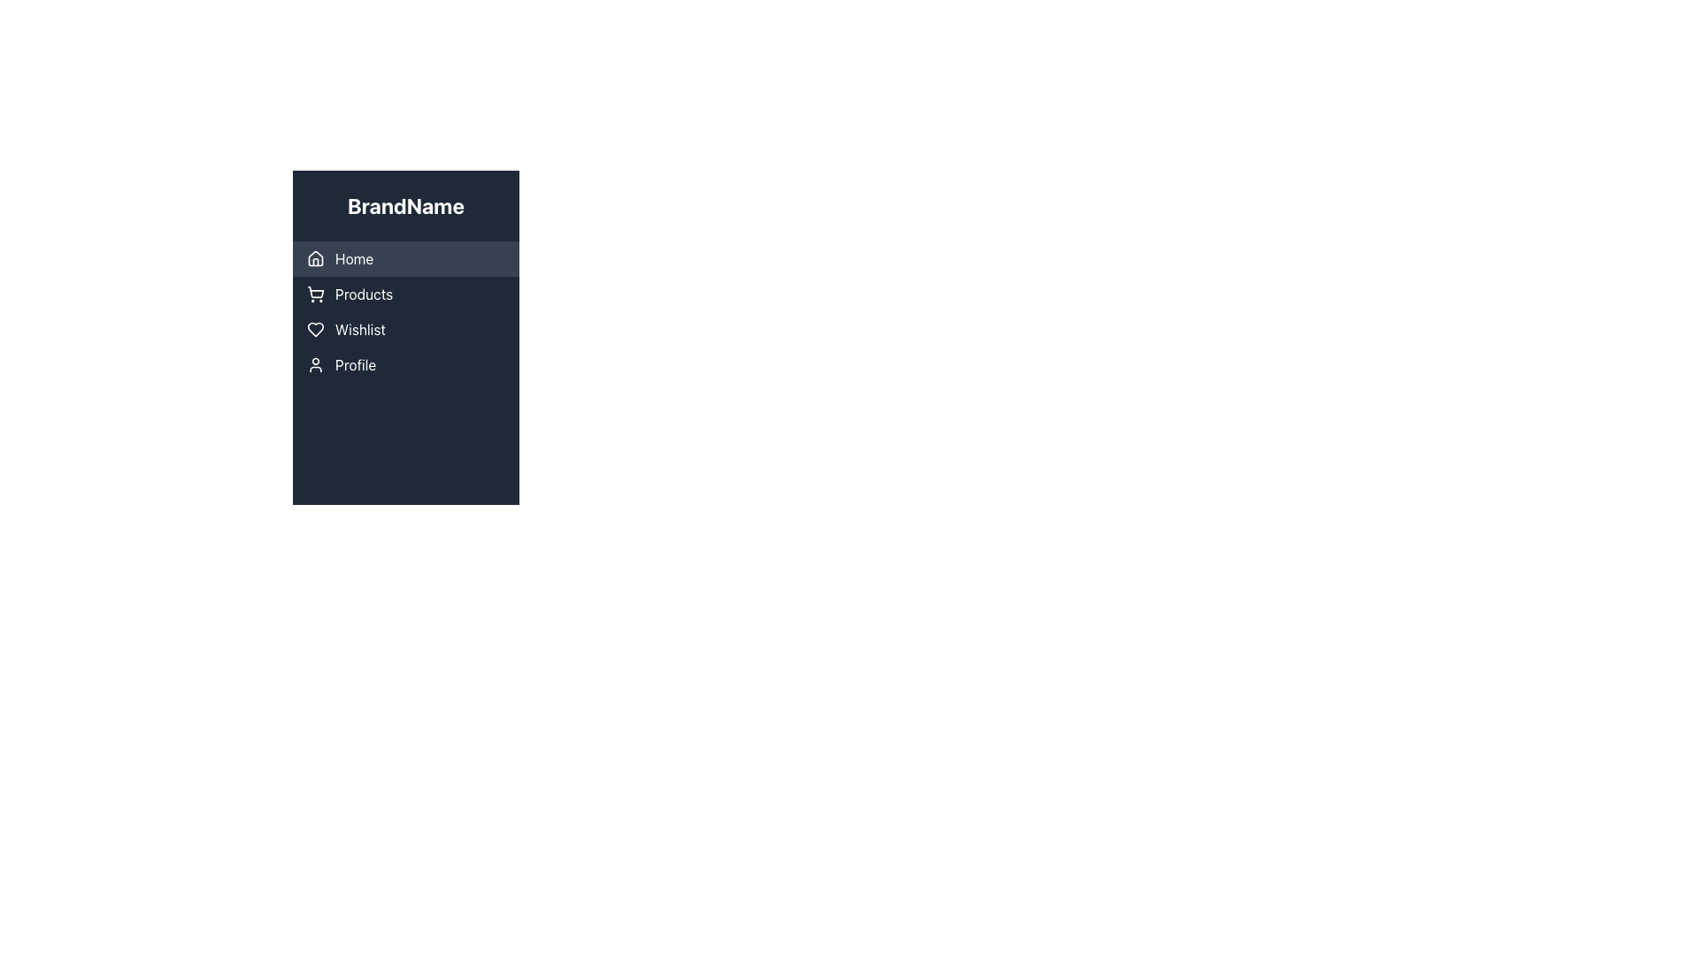 Image resolution: width=1699 pixels, height=955 pixels. I want to click on the 'Home' button located at the top of the vertical navigation menu for potential visual feedback, so click(405, 259).